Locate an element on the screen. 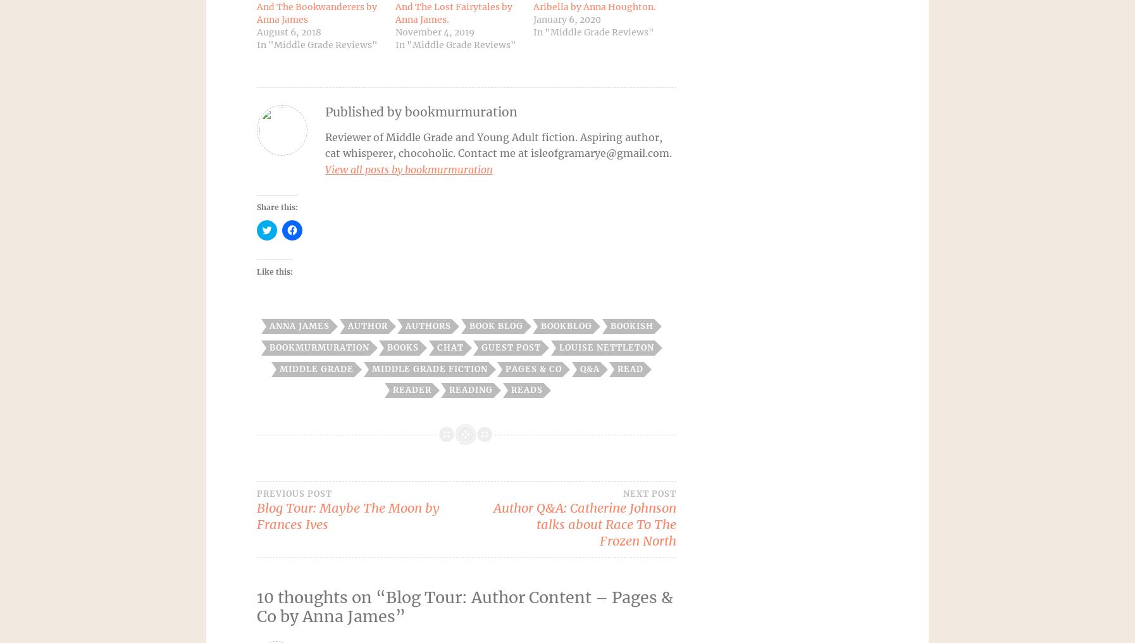  'authors' is located at coordinates (428, 325).